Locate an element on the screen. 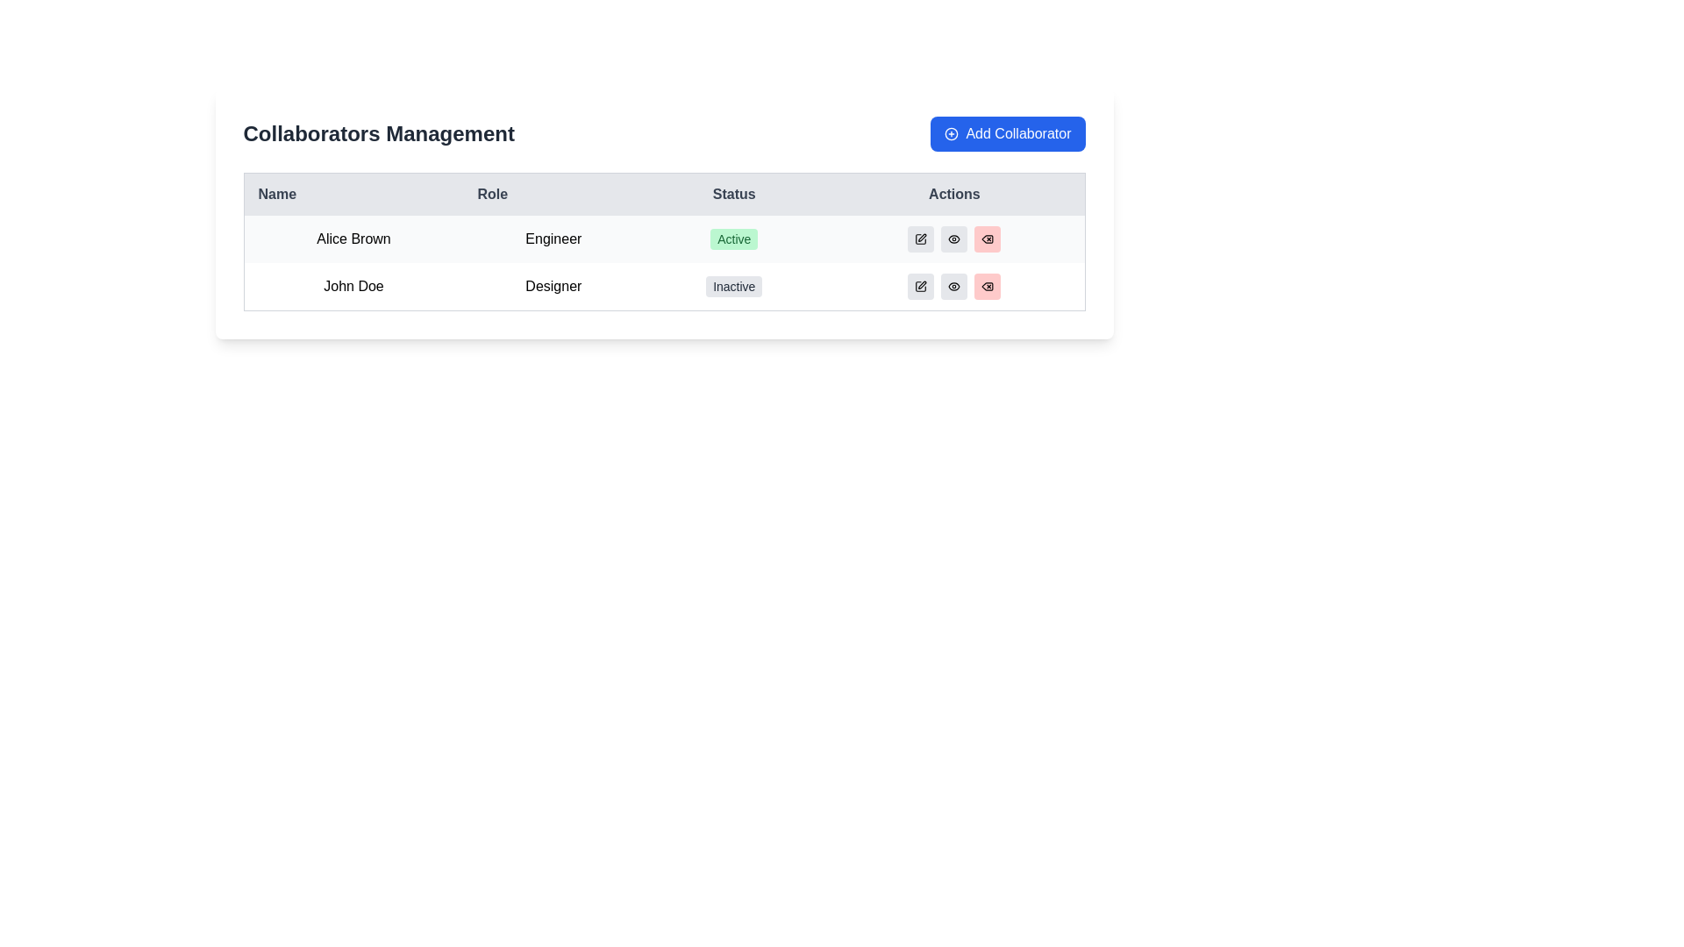 The height and width of the screenshot is (947, 1684). the 'Actions' column header in the table, which is the fourth column and located at the far right of the row, adjacent to the 'Status' column is located at coordinates (953, 194).